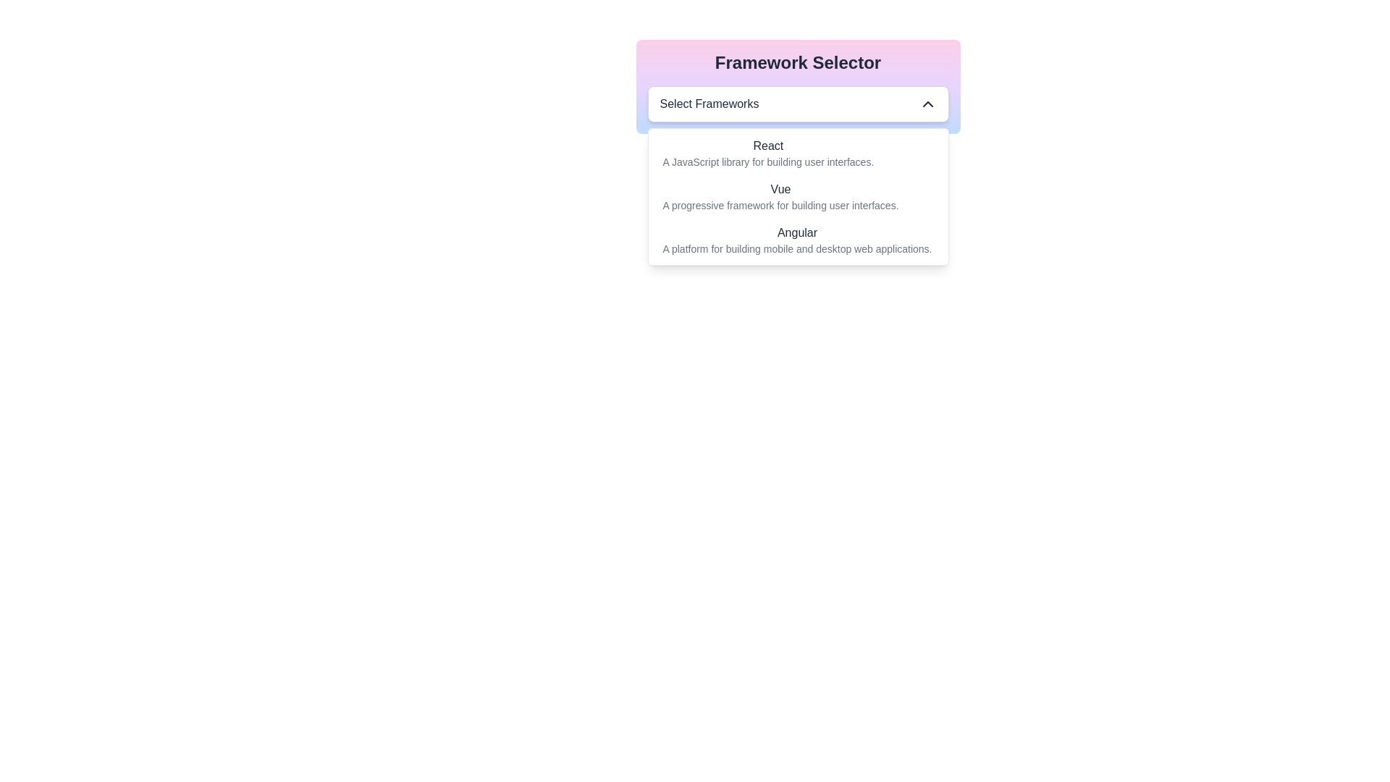 This screenshot has width=1390, height=782. What do you see at coordinates (767, 161) in the screenshot?
I see `the content of the Text Label displaying 'A JavaScript library for building user interfaces.' located under the 'React' heading in the 'Framework Selector' dropdown menu` at bounding box center [767, 161].